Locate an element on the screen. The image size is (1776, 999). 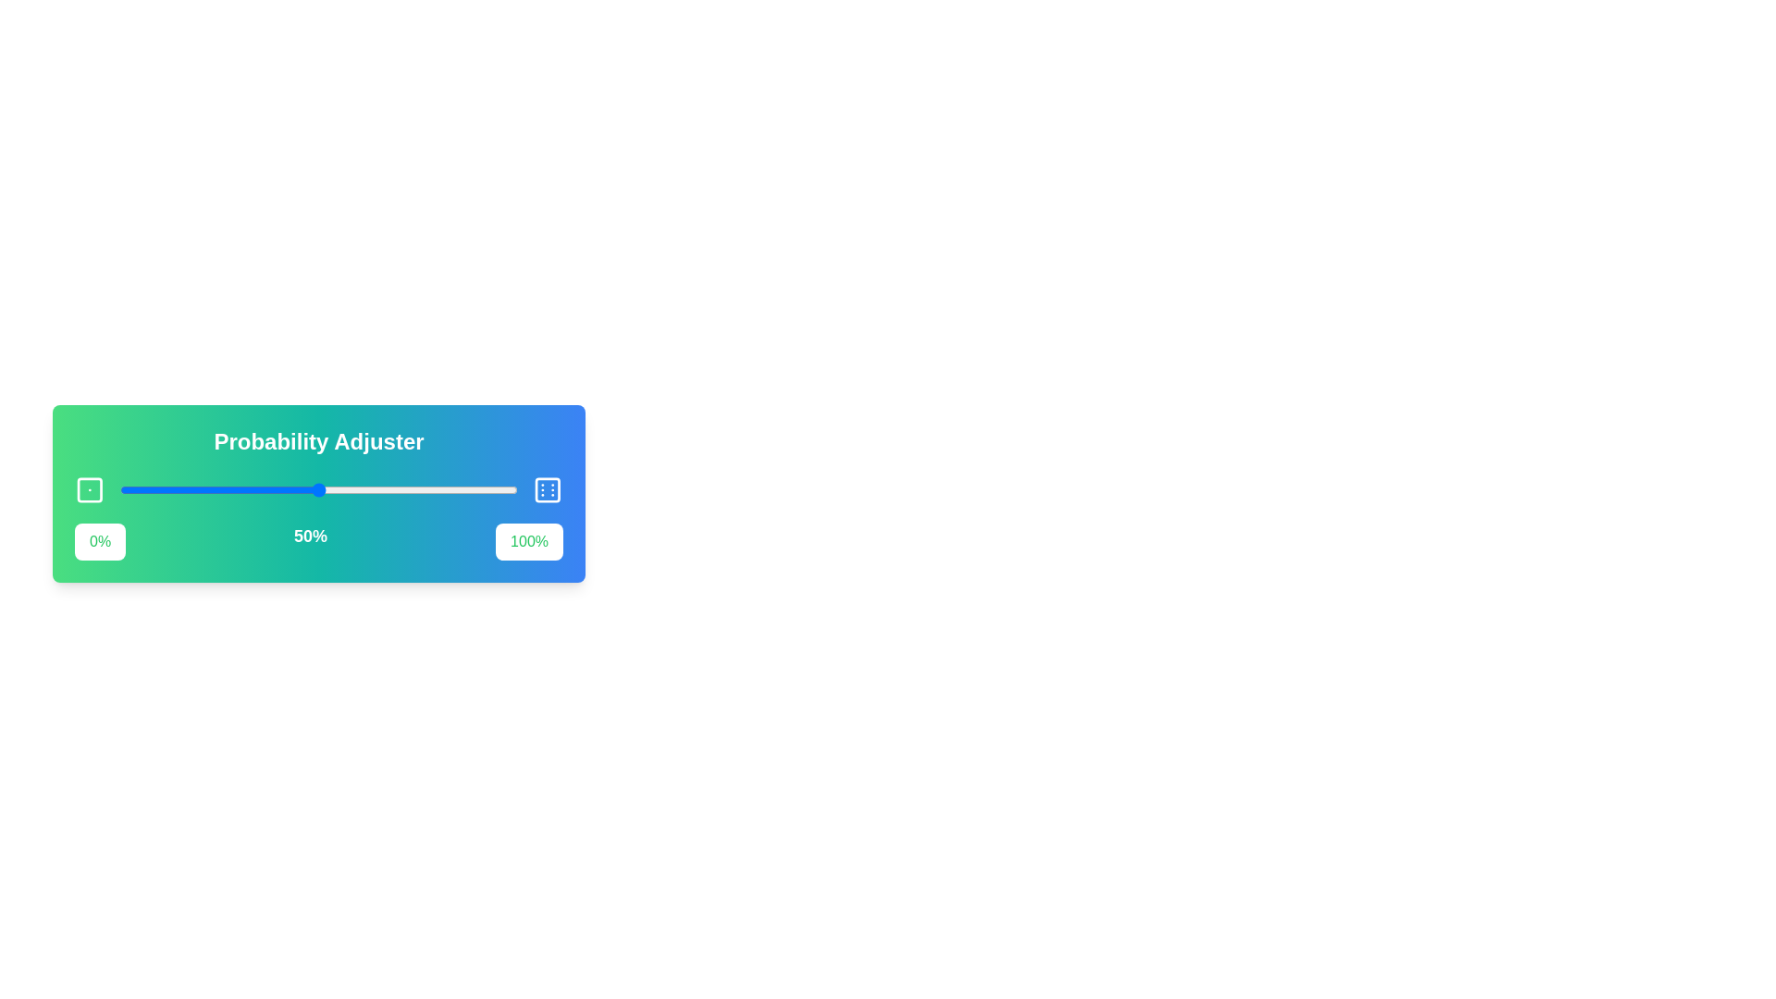
the slider to set the probability to 45% is located at coordinates (299, 488).